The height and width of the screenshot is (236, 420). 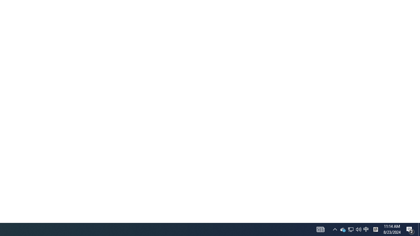 I want to click on 'AutomationID: 4105', so click(x=321, y=229).